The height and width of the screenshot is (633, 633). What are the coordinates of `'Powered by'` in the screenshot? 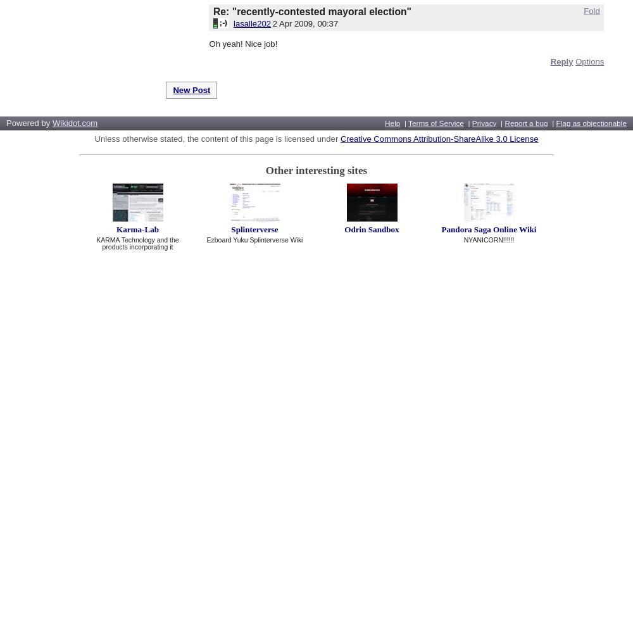 It's located at (29, 122).